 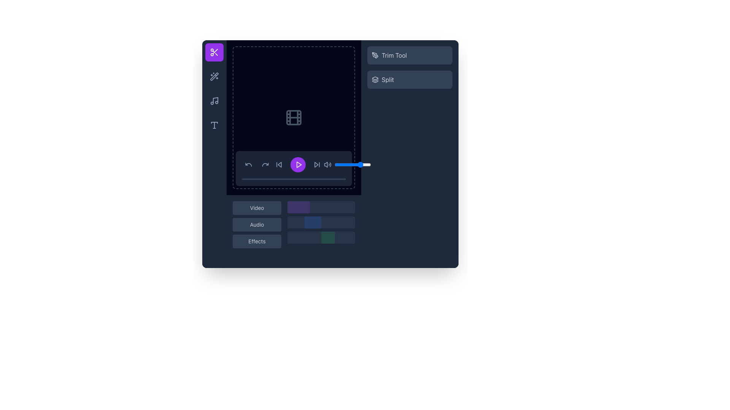 What do you see at coordinates (359, 164) in the screenshot?
I see `the slider value` at bounding box center [359, 164].